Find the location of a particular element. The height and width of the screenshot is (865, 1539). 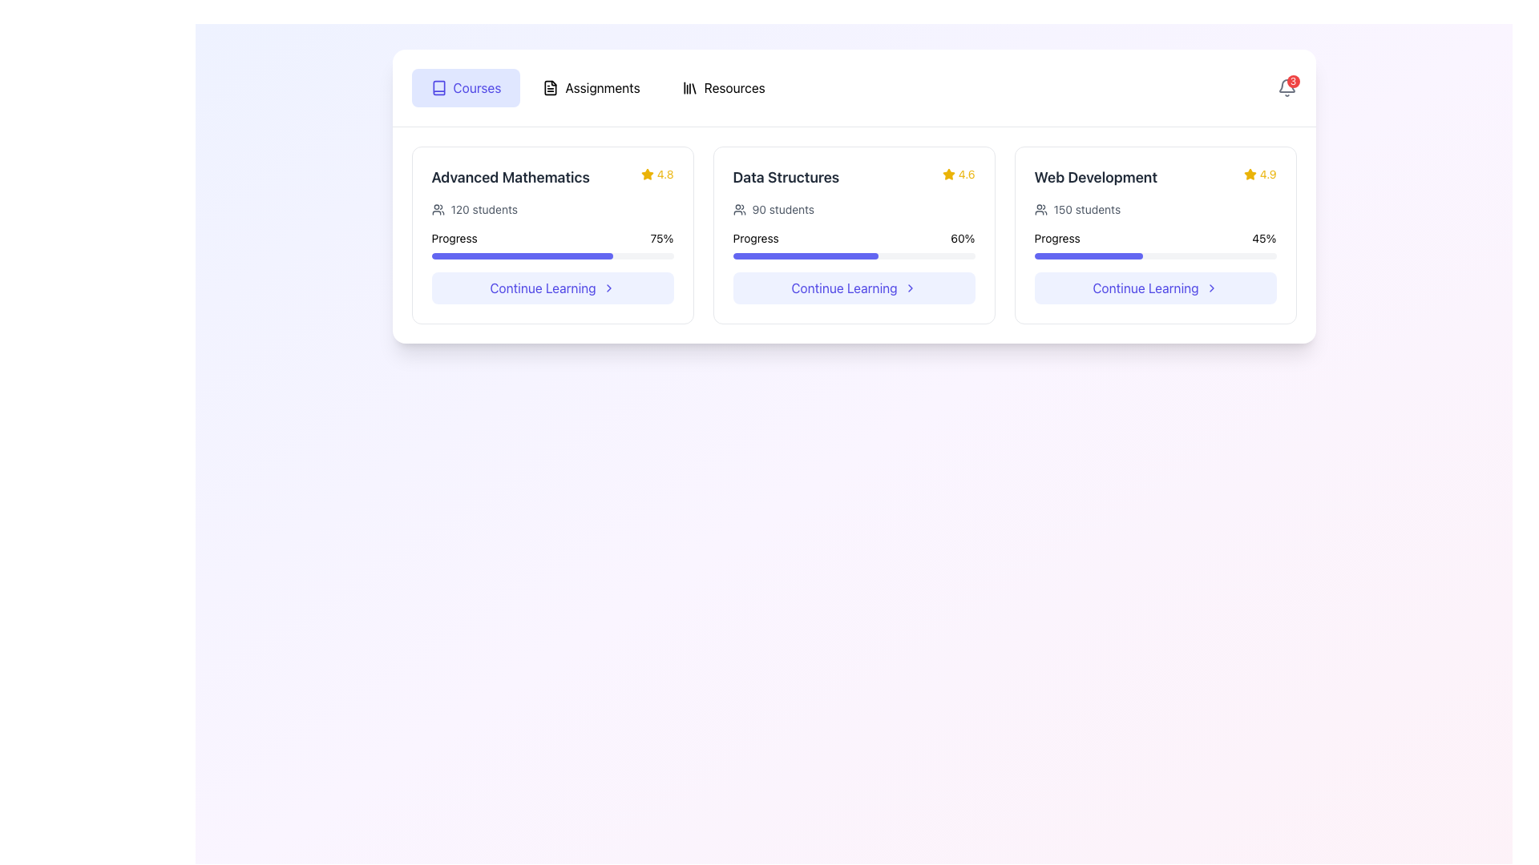

the second vertical line in the icon located in the top menu bar, which is part of a set of four similar elements is located at coordinates (693, 88).